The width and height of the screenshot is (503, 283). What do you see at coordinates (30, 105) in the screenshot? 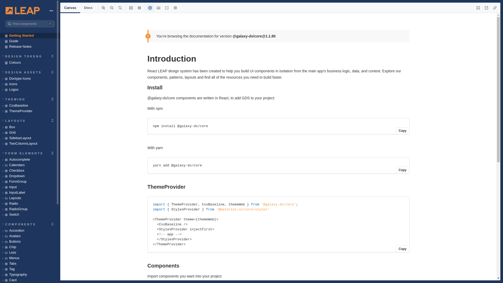
I see `'CssBaseline'` at bounding box center [30, 105].